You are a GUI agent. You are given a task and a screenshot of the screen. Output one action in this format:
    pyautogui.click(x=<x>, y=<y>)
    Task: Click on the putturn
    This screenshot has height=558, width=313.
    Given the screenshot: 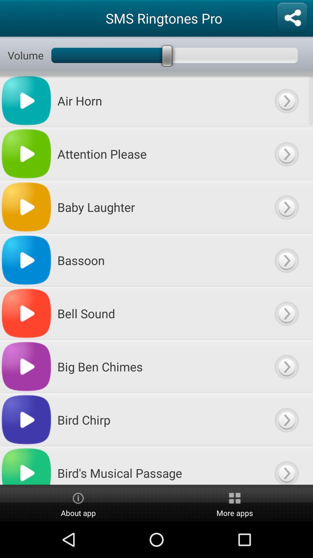 What is the action you would take?
    pyautogui.click(x=286, y=154)
    